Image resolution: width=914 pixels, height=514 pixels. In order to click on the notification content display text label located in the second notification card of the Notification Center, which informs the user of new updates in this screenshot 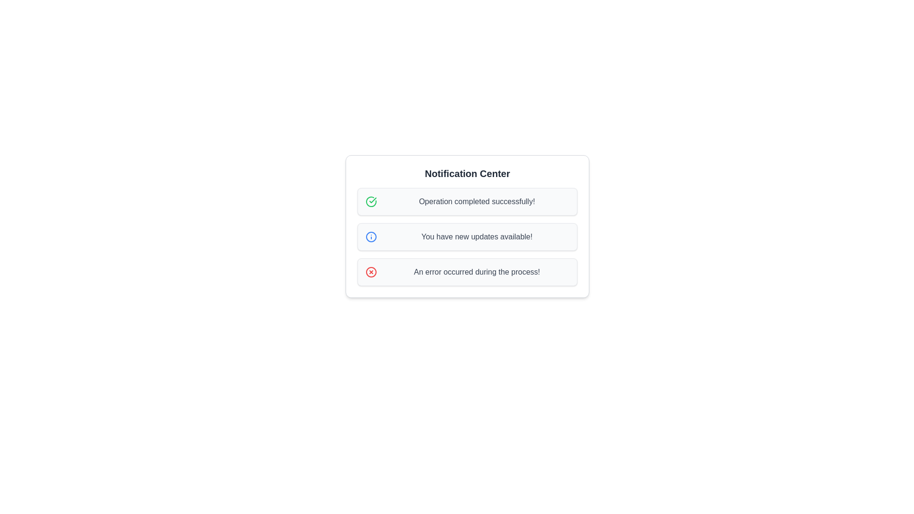, I will do `click(477, 236)`.